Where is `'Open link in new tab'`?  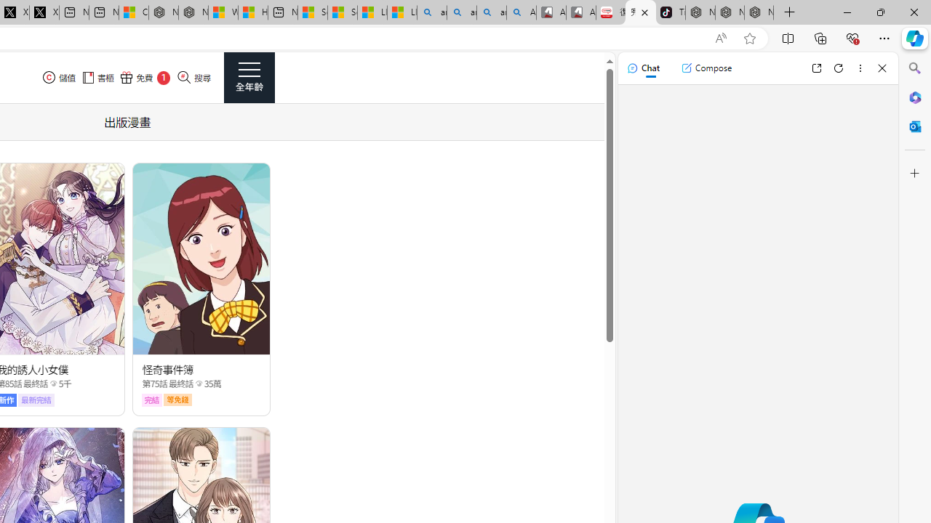
'Open link in new tab' is located at coordinates (816, 68).